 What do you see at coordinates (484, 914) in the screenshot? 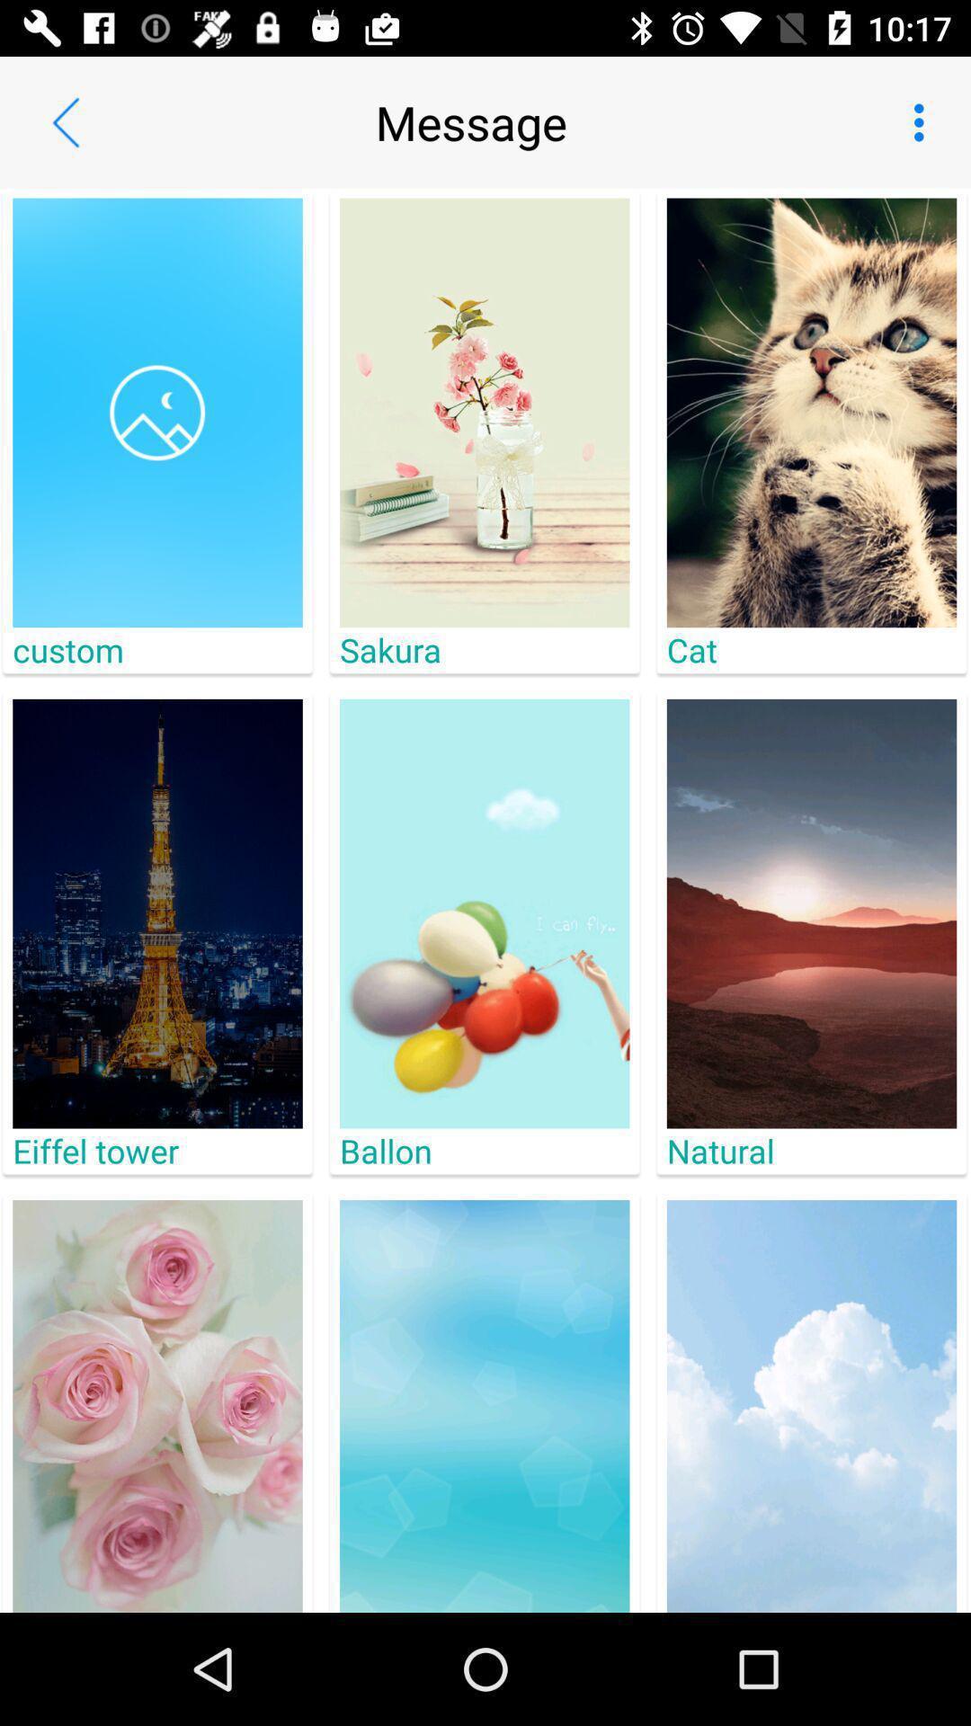
I see `the image above ballon` at bounding box center [484, 914].